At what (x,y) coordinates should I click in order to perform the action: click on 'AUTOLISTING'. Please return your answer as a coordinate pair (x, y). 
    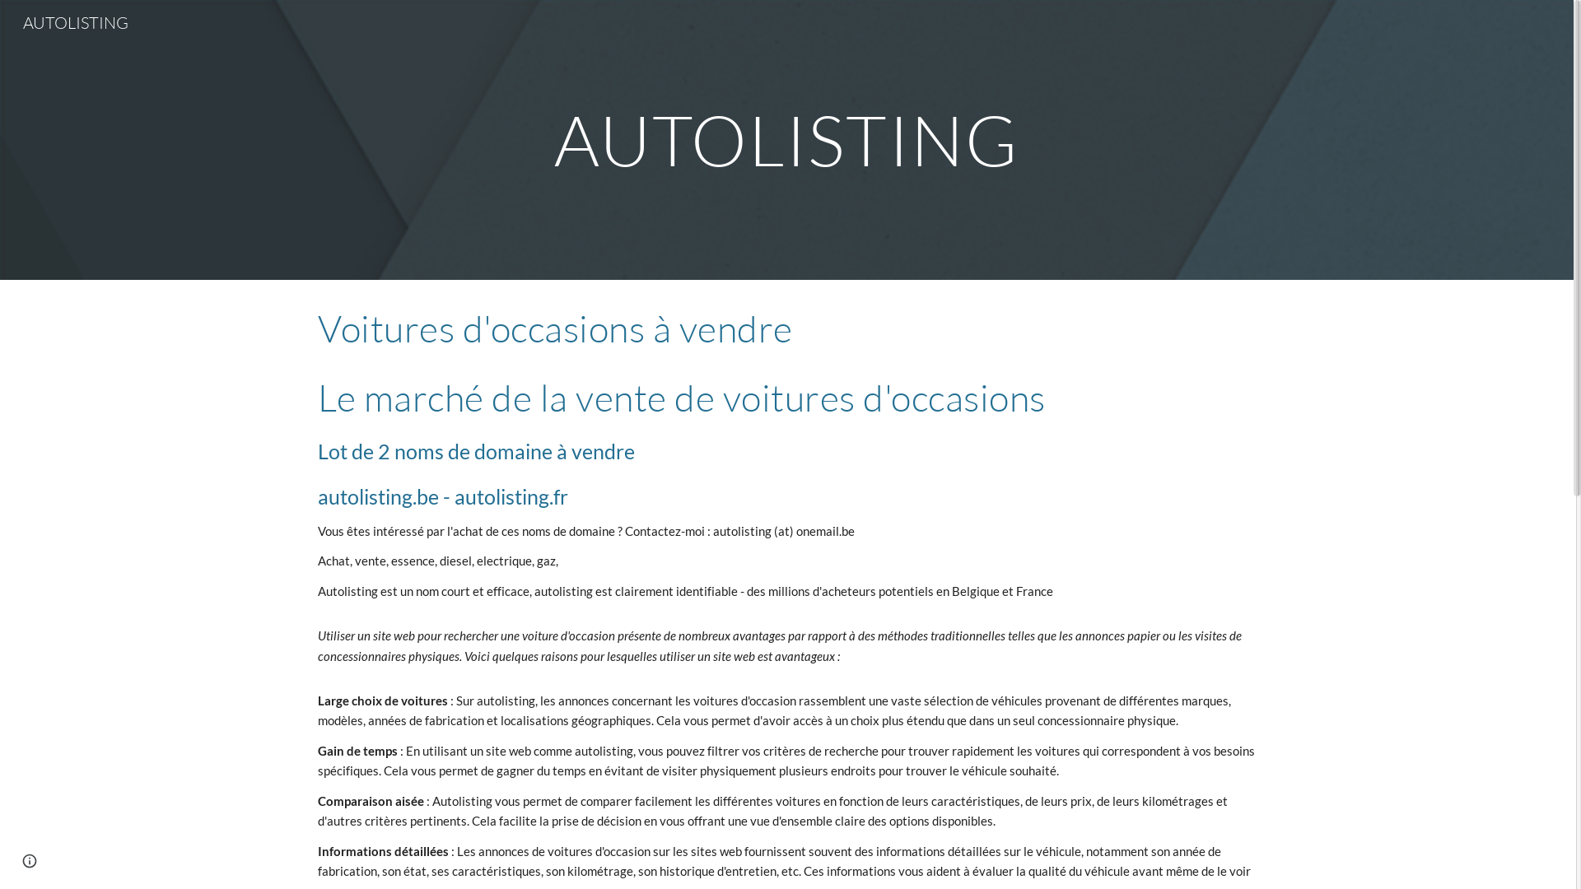
    Looking at the image, I should click on (74, 21).